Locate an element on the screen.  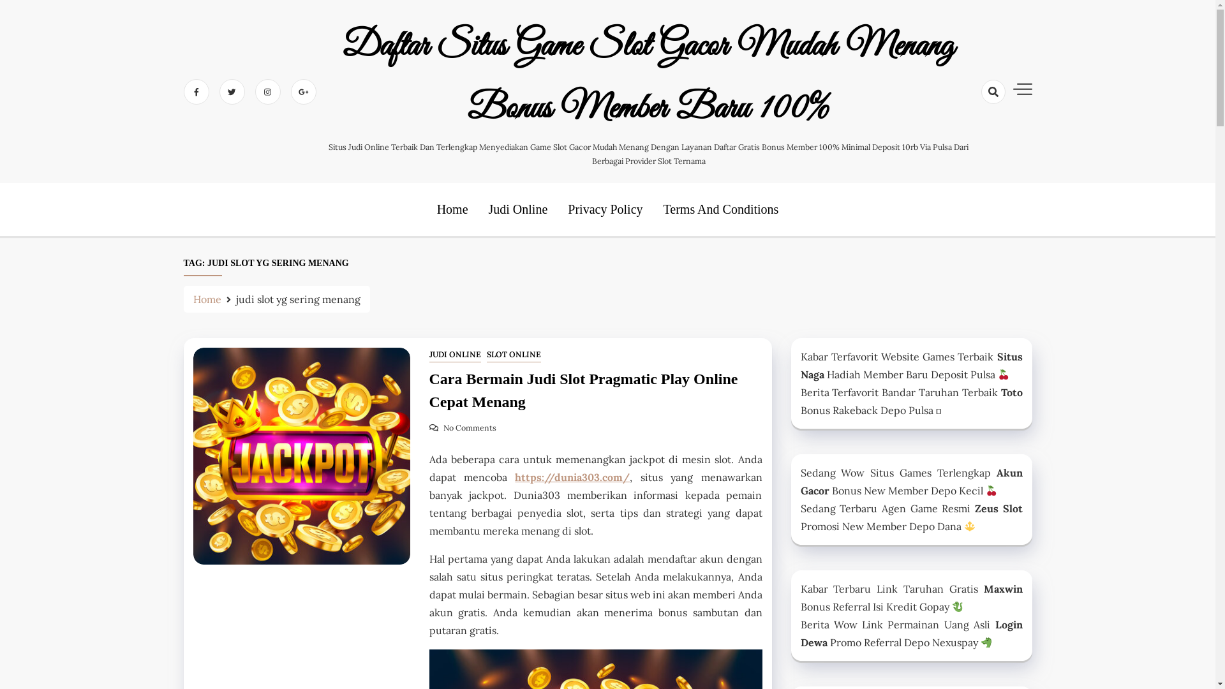
'Situs Naga' is located at coordinates (910, 366).